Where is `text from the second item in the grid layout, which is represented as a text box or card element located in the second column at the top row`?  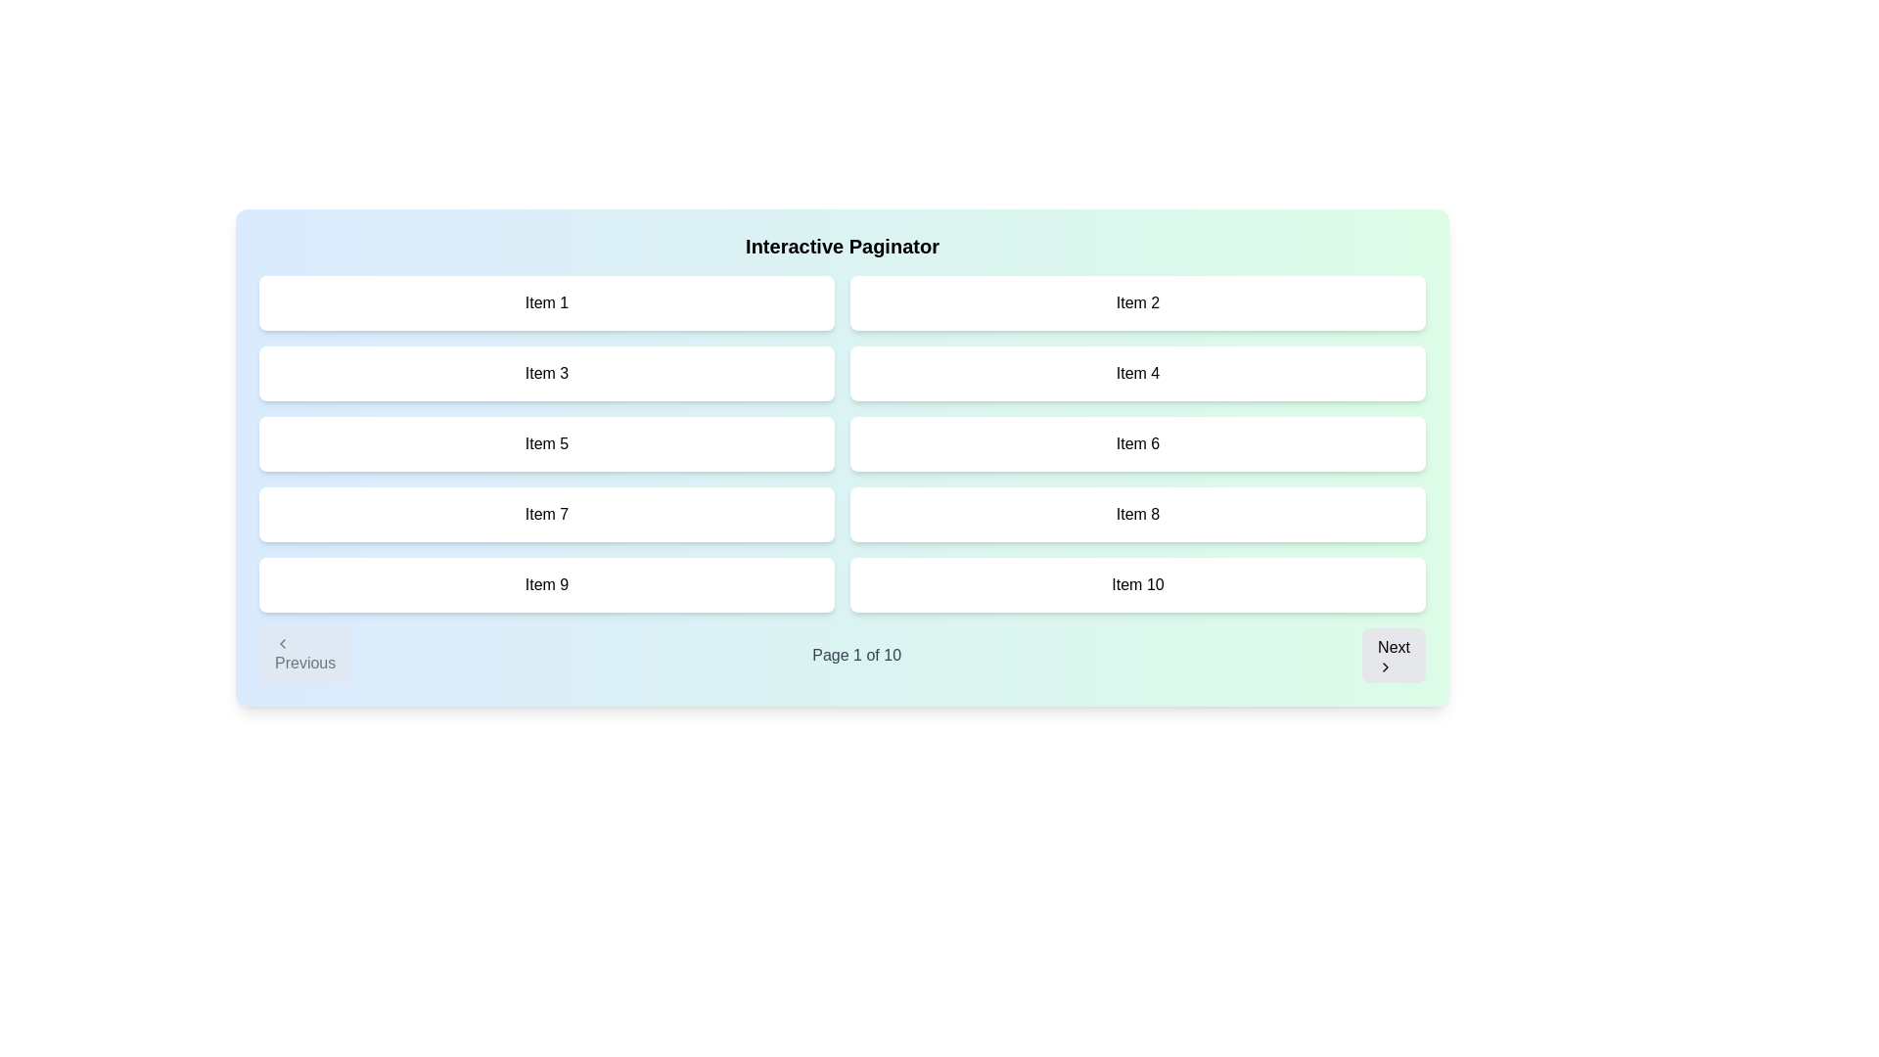
text from the second item in the grid layout, which is represented as a text box or card element located in the second column at the top row is located at coordinates (1137, 302).